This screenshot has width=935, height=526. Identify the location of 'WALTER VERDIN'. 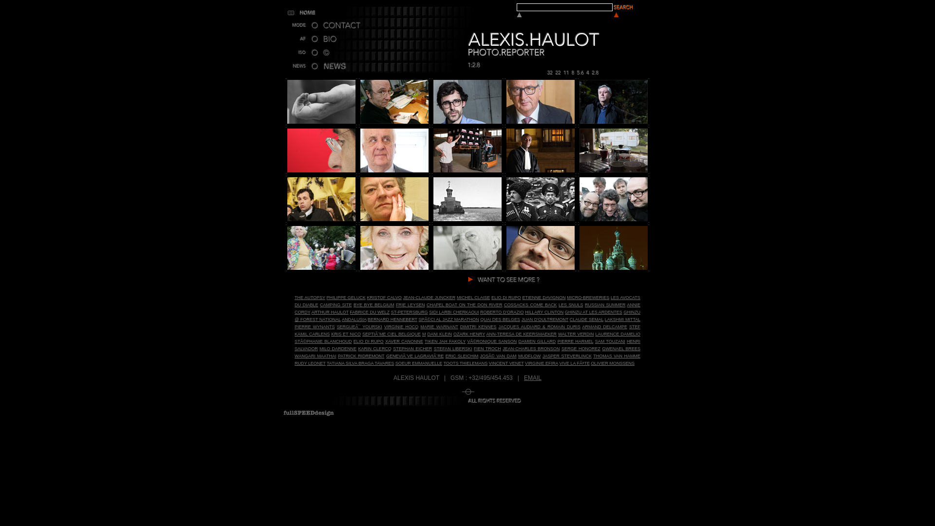
(576, 334).